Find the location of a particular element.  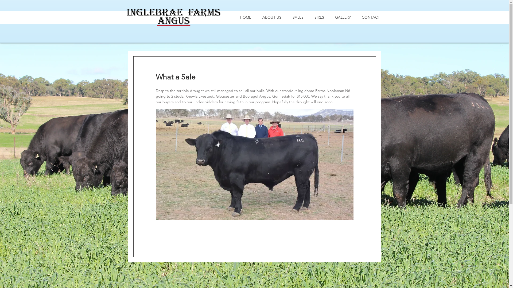

'SALES' is located at coordinates (298, 17).